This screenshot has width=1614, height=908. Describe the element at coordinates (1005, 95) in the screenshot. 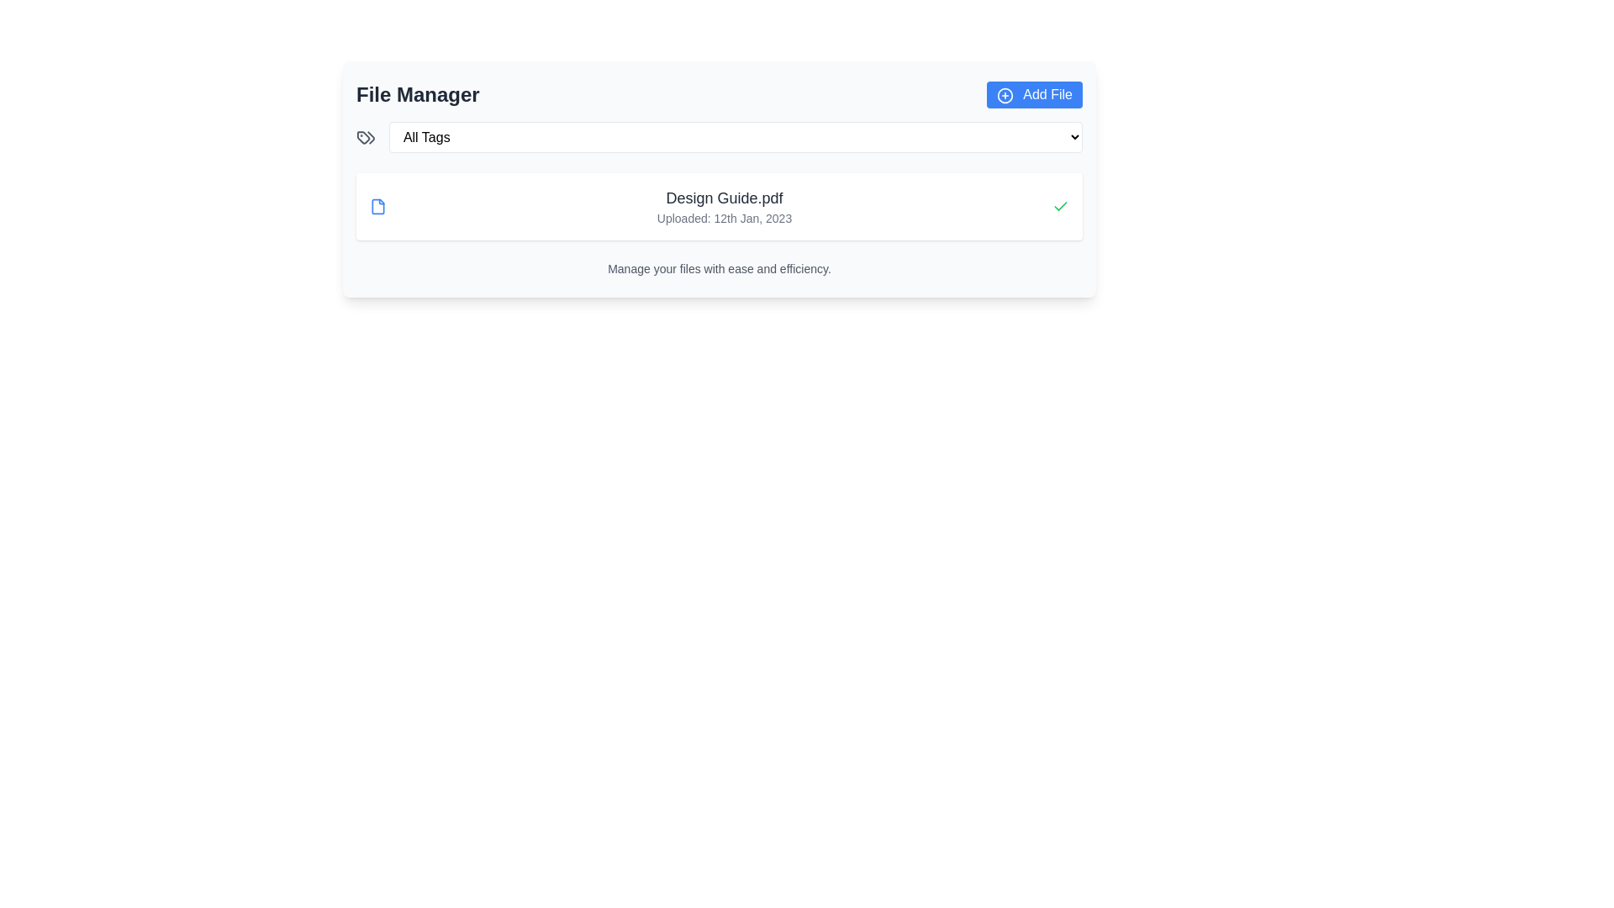

I see `the decorative SVG circle that enhances the 'Add File' icon, located centrally within the 'Add File' button, adjacent to the label 'Add File'` at that location.